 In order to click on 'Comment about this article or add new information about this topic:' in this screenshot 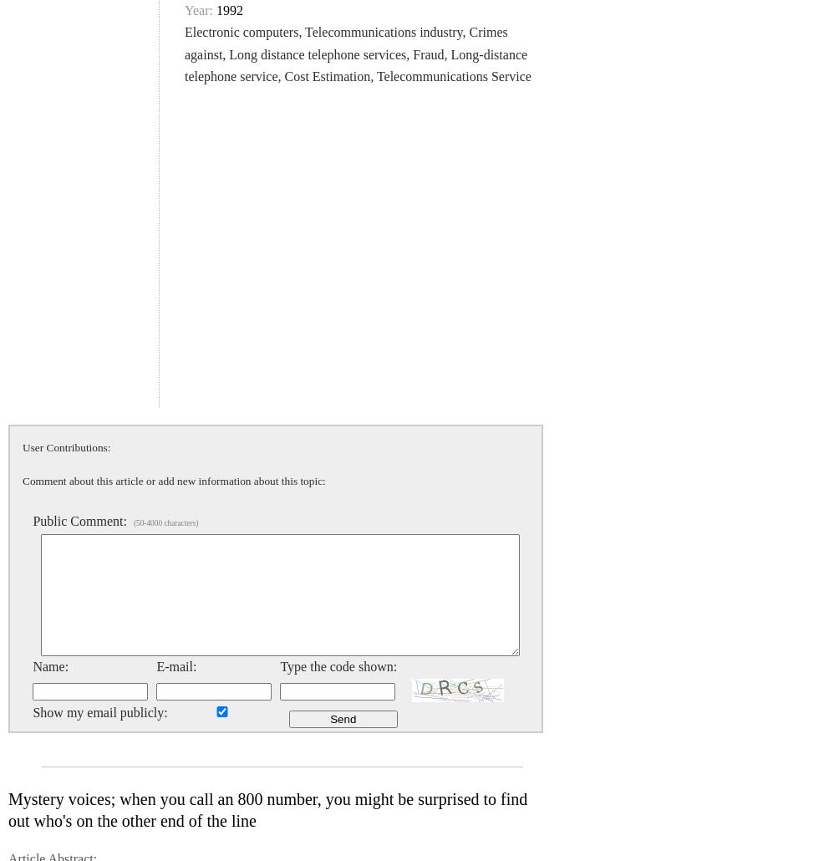, I will do `click(173, 481)`.